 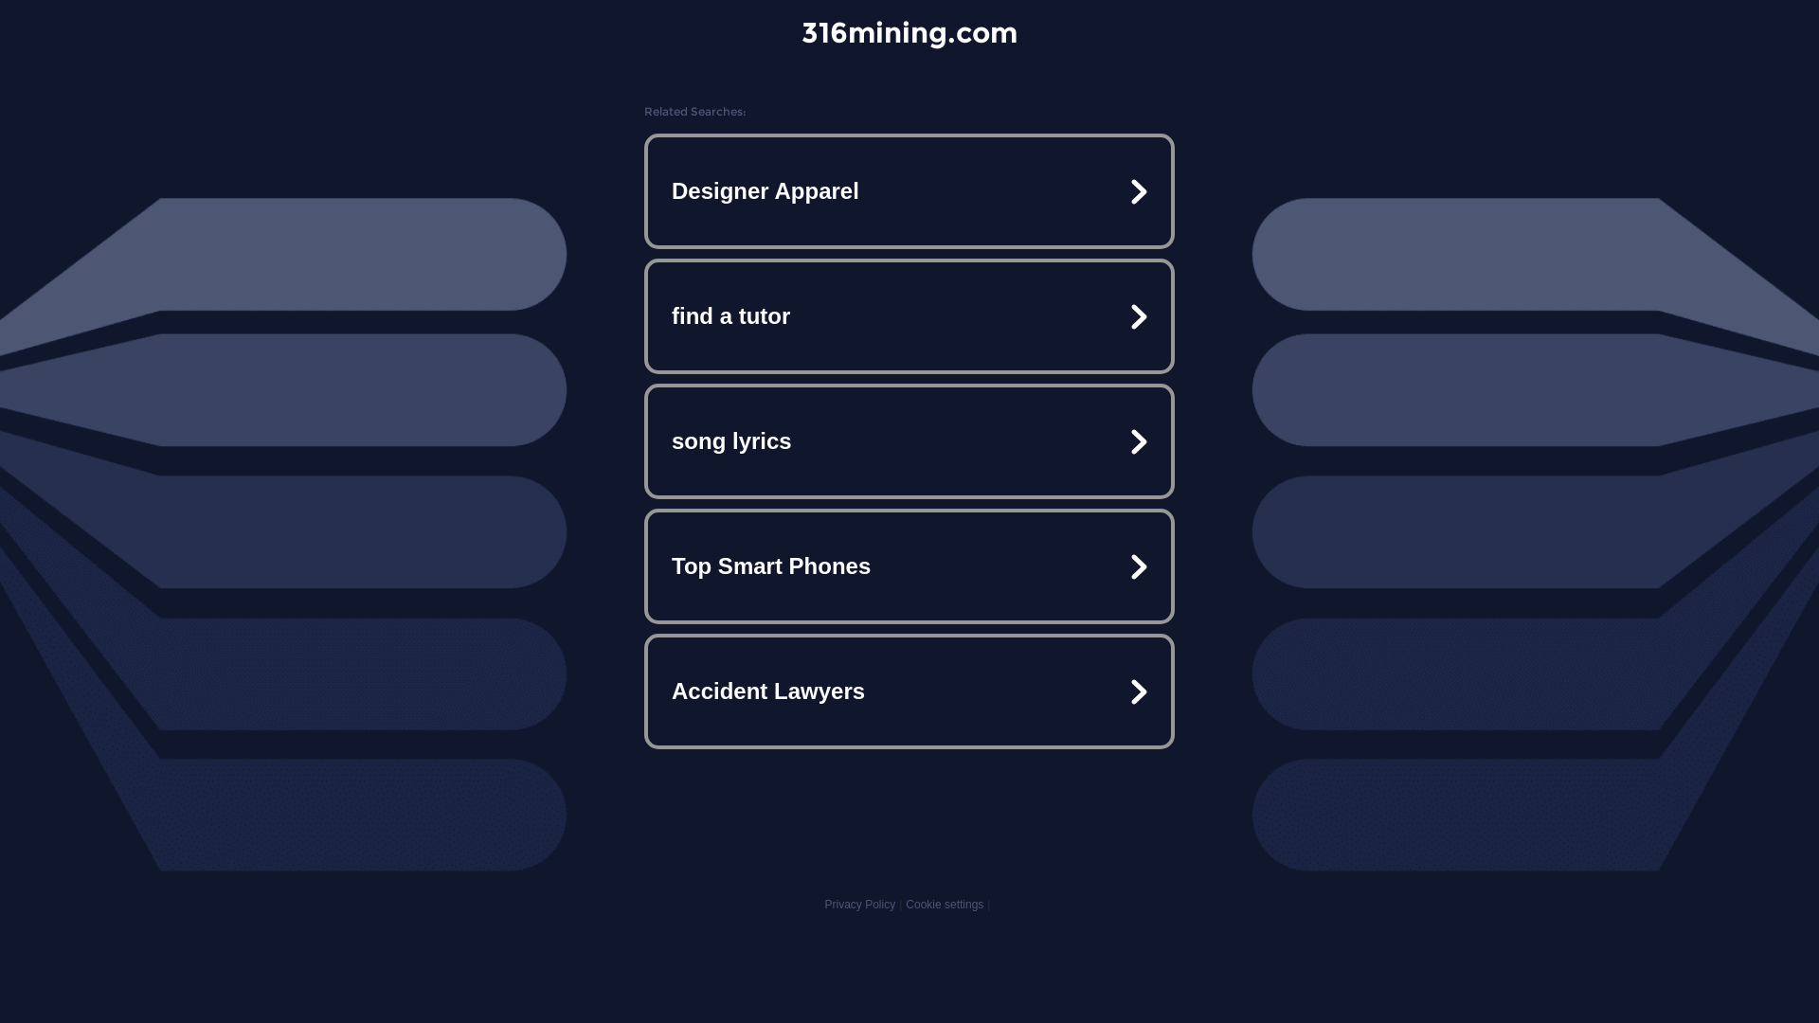 What do you see at coordinates (823, 904) in the screenshot?
I see `'Privacy Policy'` at bounding box center [823, 904].